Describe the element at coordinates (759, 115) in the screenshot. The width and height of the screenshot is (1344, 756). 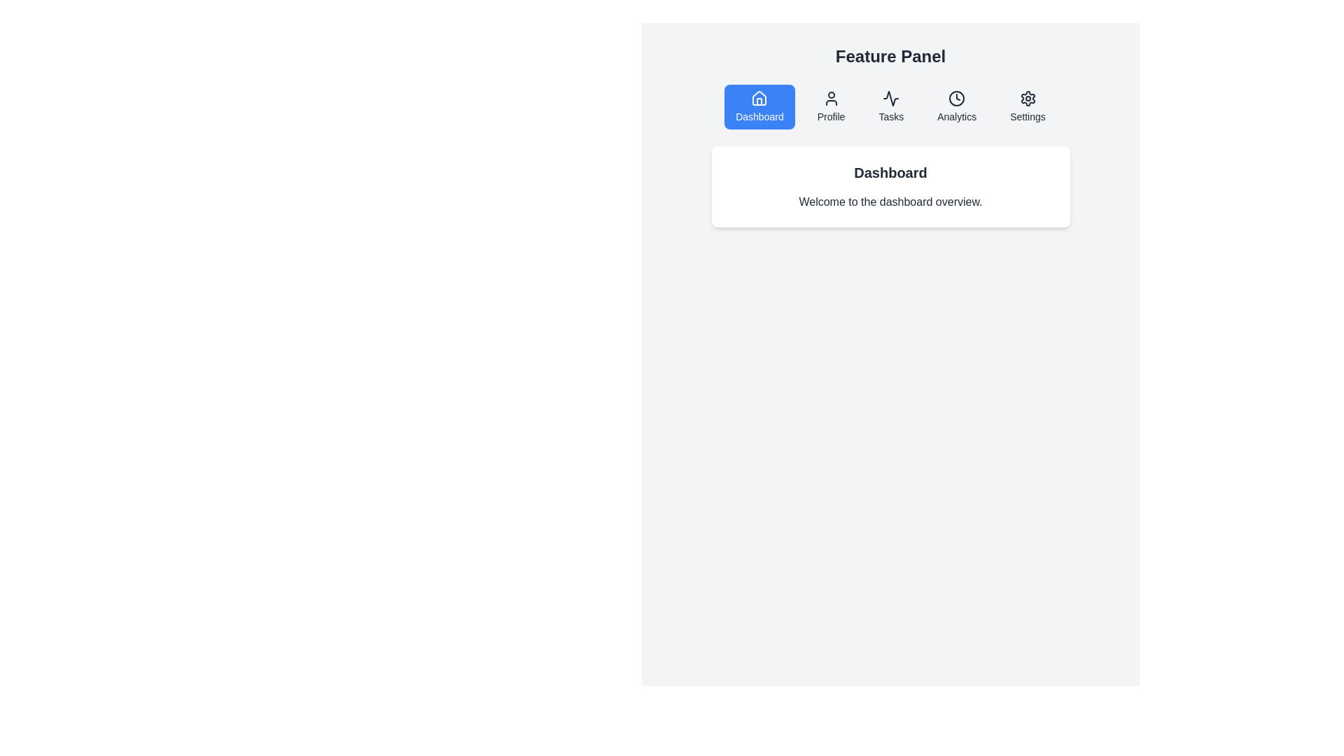
I see `the 'Dashboard' text label` at that location.